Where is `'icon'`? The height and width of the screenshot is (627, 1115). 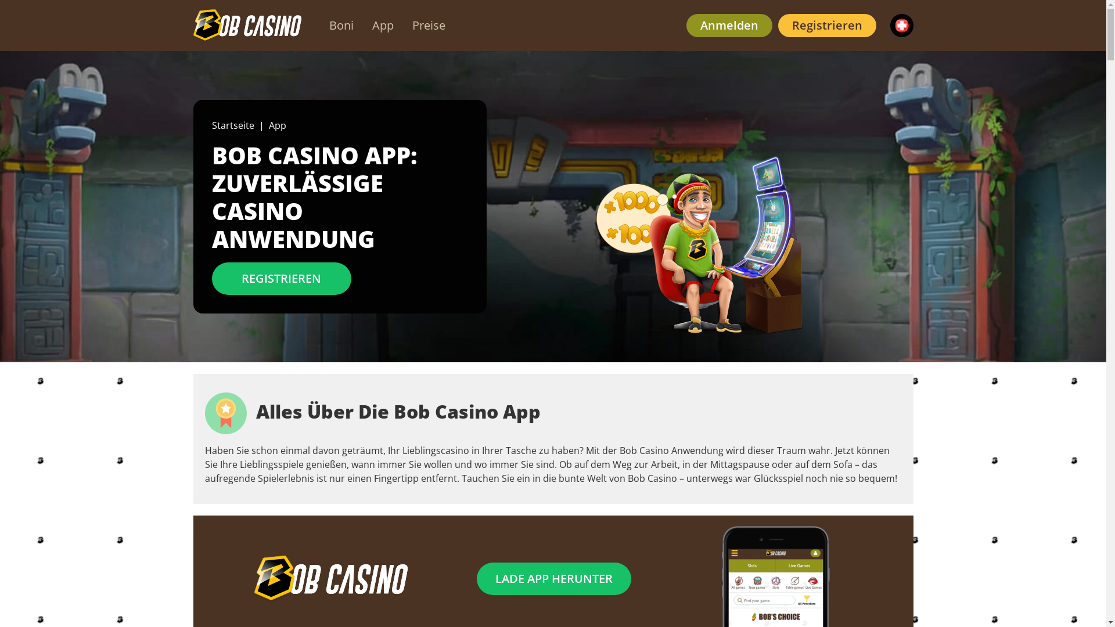
'icon' is located at coordinates (204, 413).